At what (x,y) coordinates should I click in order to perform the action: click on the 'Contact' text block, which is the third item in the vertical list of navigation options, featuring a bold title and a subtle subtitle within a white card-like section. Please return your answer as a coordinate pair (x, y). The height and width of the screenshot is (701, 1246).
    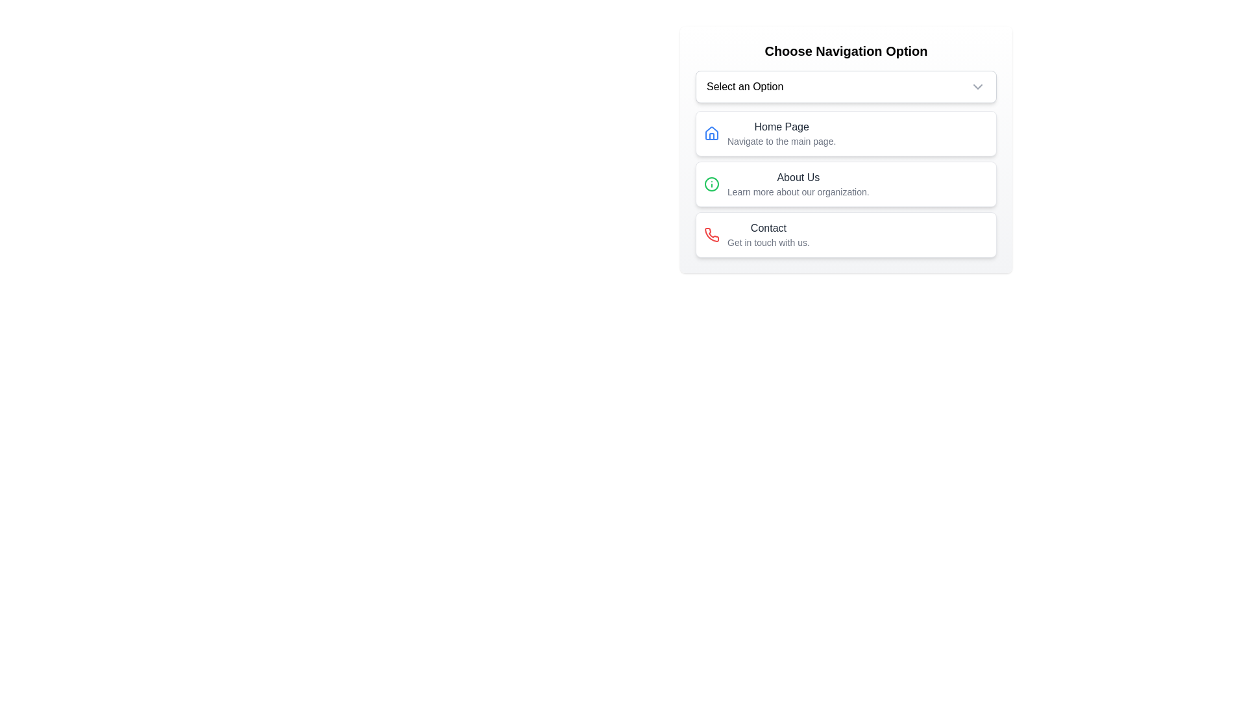
    Looking at the image, I should click on (768, 235).